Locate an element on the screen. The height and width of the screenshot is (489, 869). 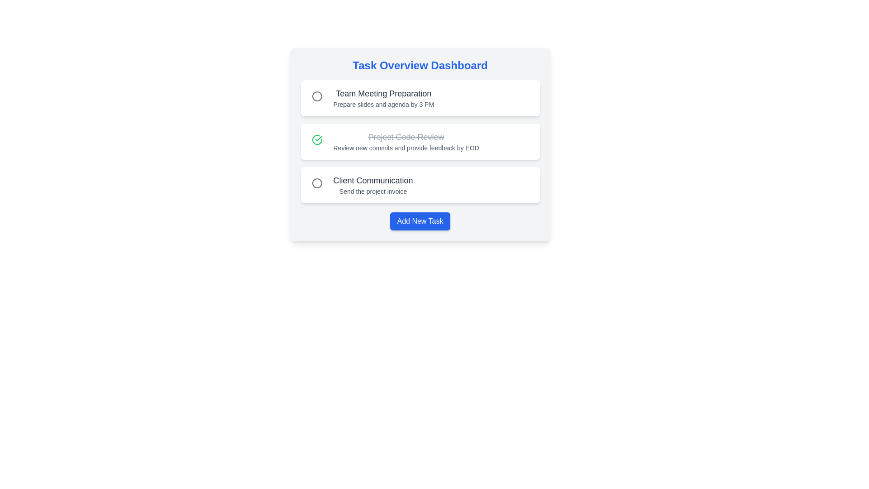
the 'Add New Task' button to initiate the task addition process is located at coordinates (420, 221).